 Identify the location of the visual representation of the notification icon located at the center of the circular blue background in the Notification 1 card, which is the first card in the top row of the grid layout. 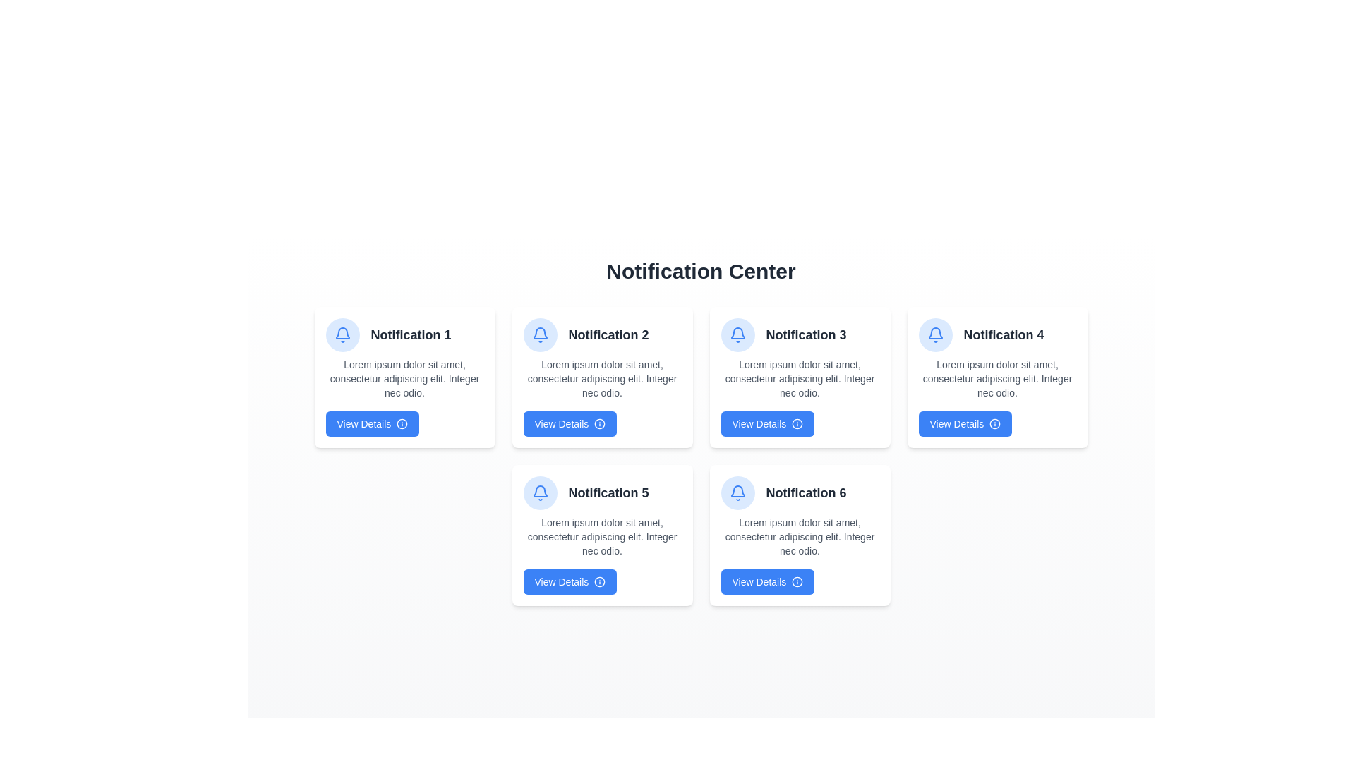
(539, 492).